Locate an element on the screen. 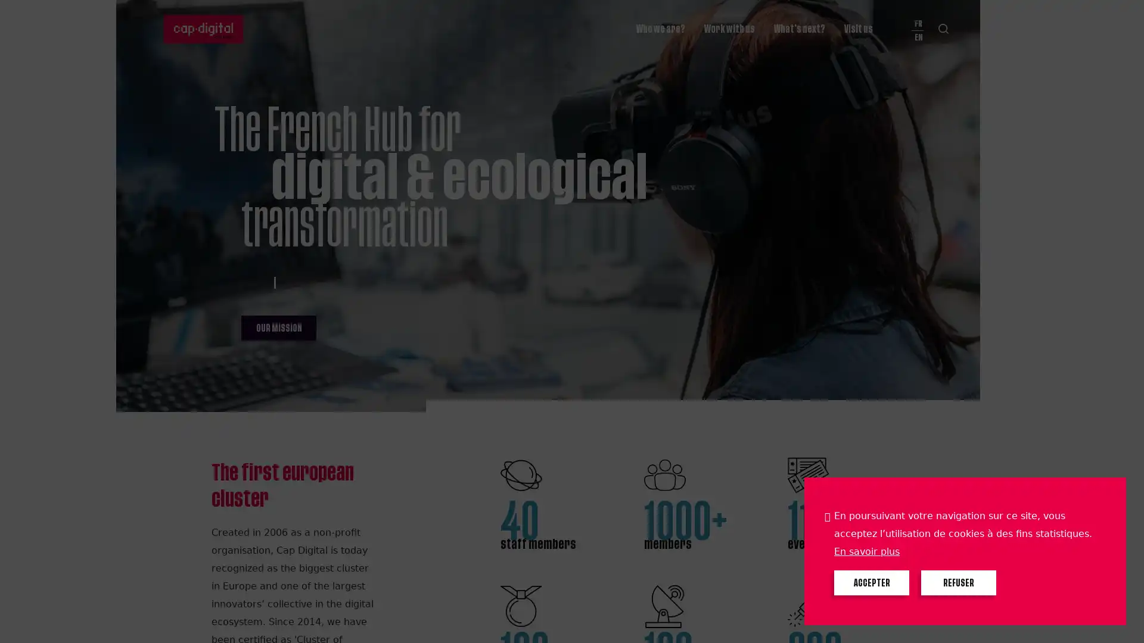  Subscribe is located at coordinates (635, 14).